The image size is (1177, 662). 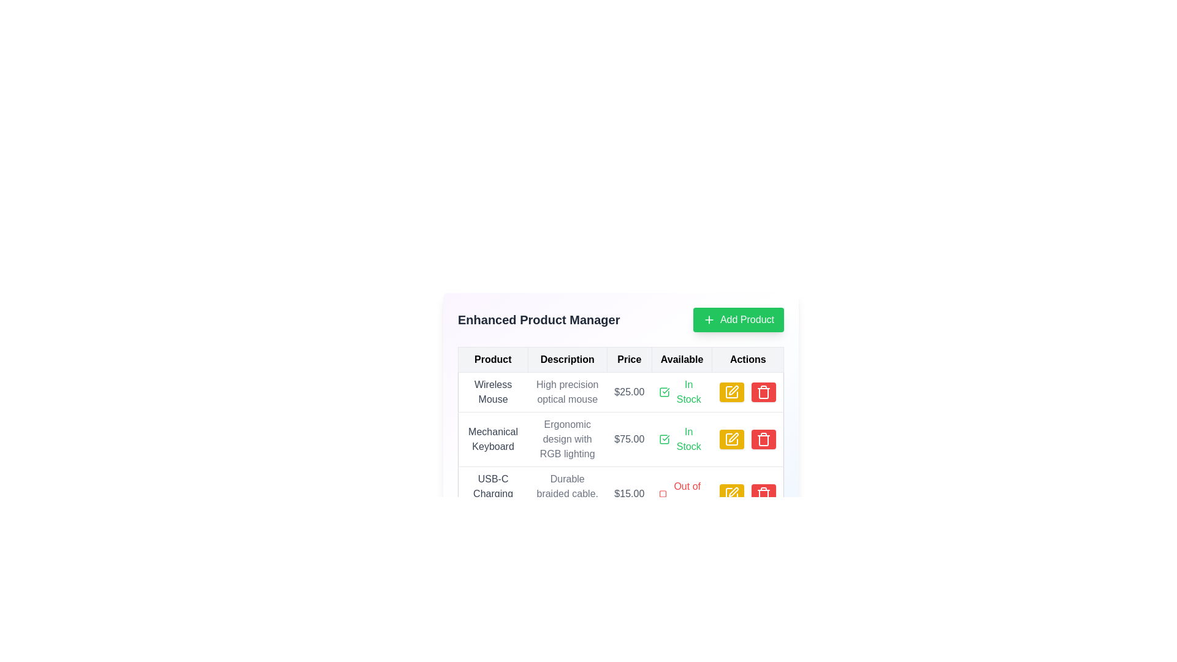 What do you see at coordinates (763, 494) in the screenshot?
I see `the trash icon representing the delete action` at bounding box center [763, 494].